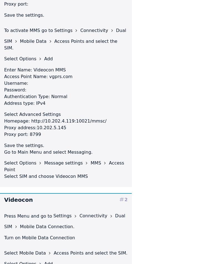  Describe the element at coordinates (126, 199) in the screenshot. I see `'2'` at that location.